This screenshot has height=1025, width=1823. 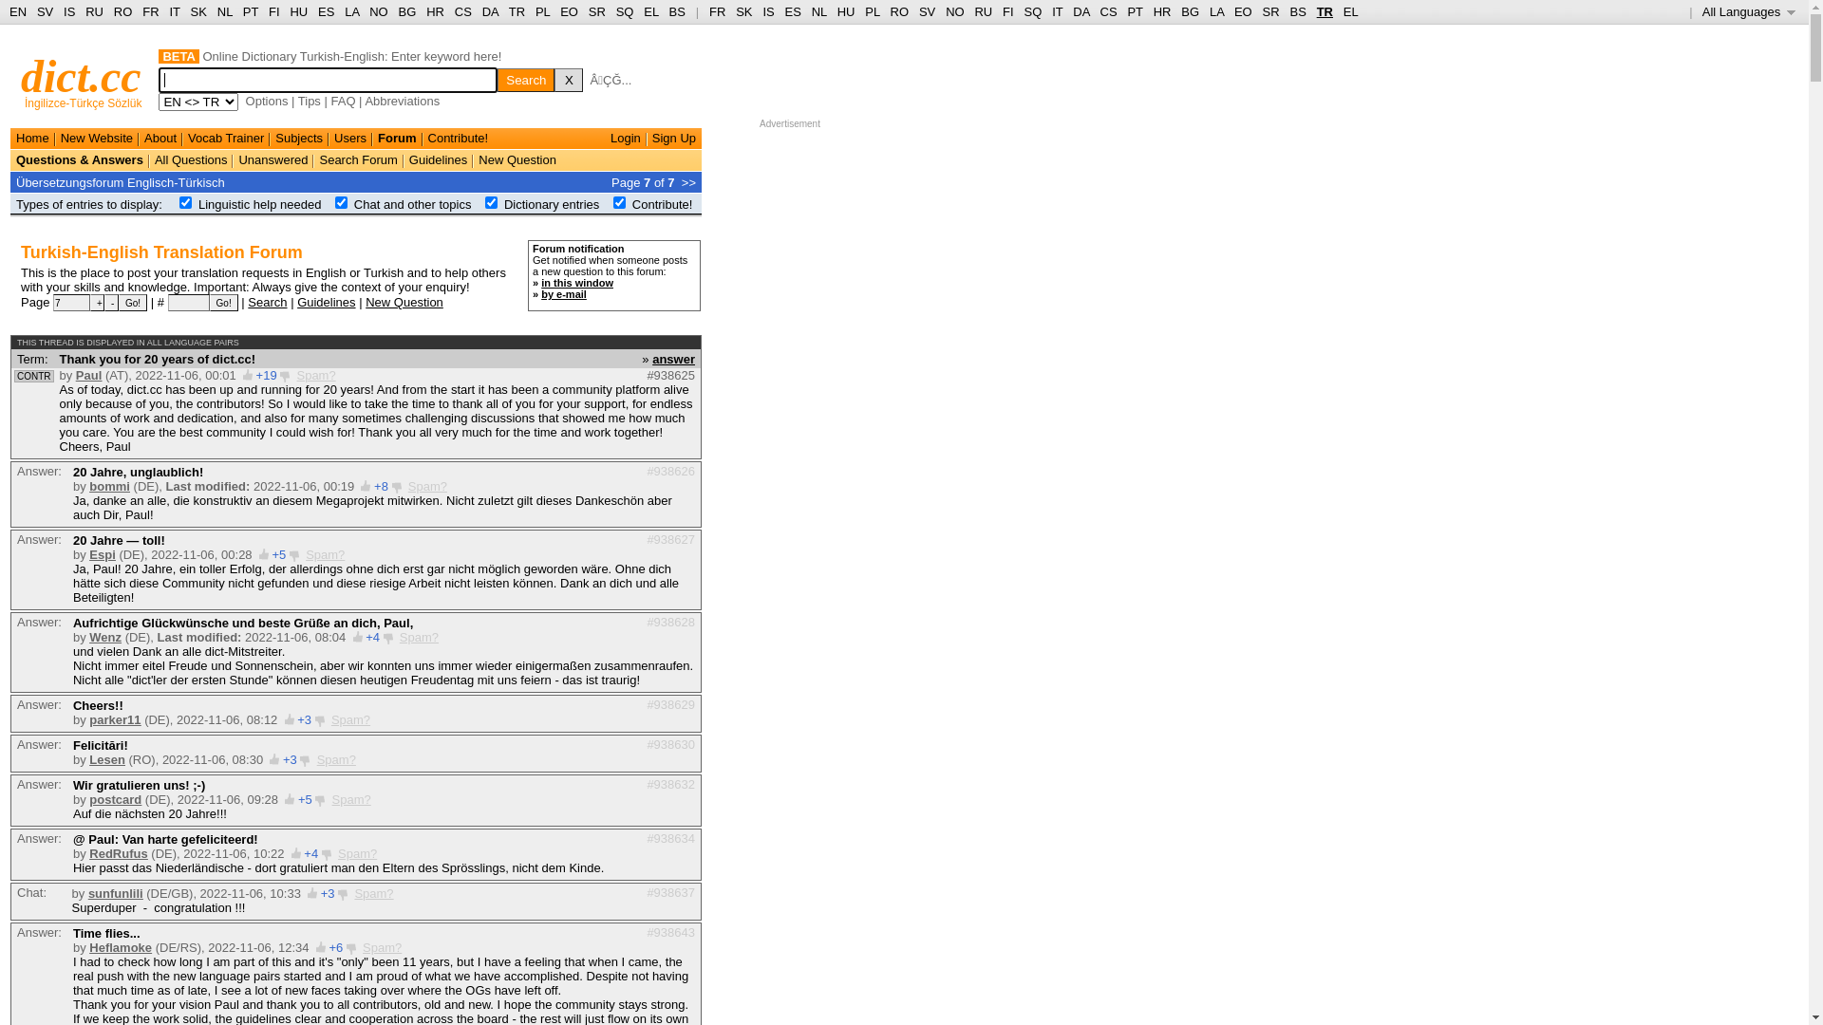 What do you see at coordinates (357, 852) in the screenshot?
I see `'Spam?'` at bounding box center [357, 852].